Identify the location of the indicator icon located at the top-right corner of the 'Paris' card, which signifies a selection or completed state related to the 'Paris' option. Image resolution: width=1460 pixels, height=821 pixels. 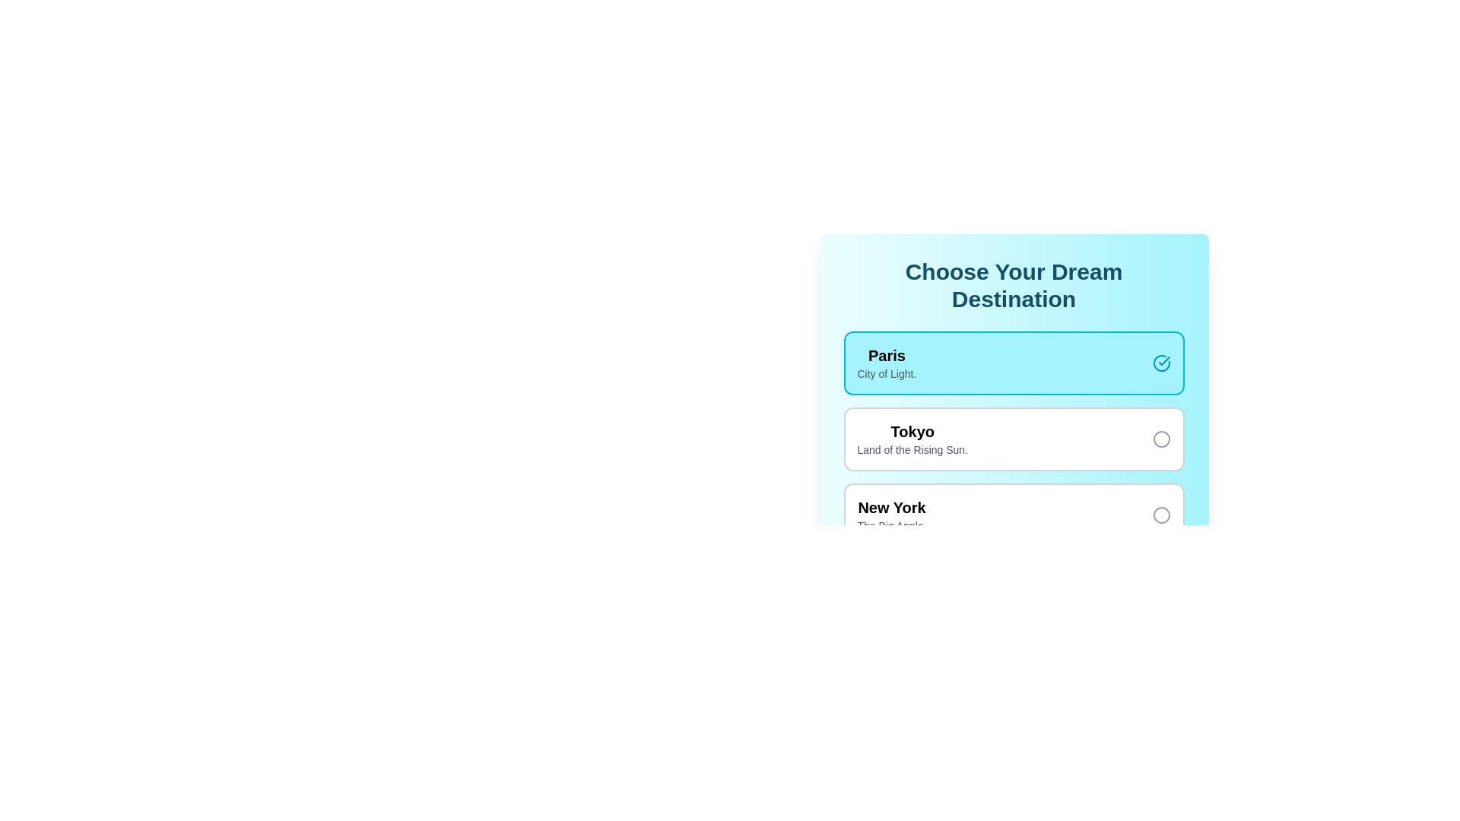
(1160, 363).